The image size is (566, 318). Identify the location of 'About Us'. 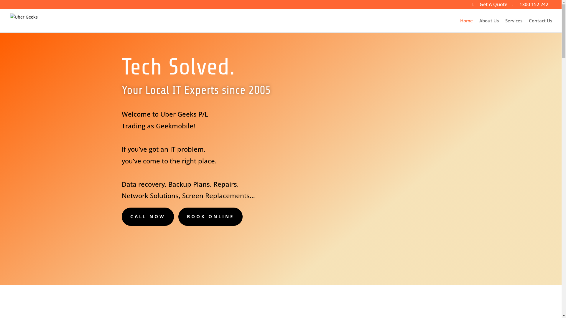
(489, 25).